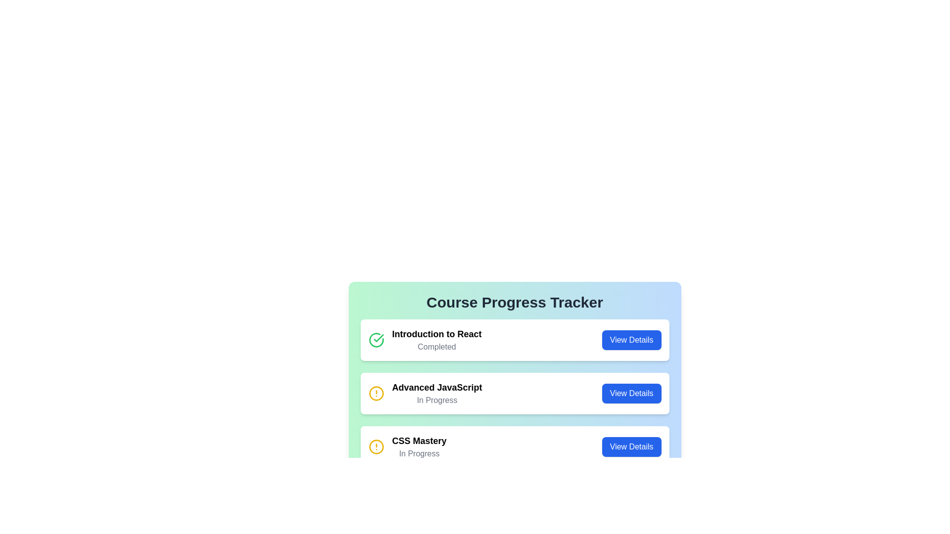 This screenshot has height=534, width=950. What do you see at coordinates (515, 302) in the screenshot?
I see `text label that serves as a header for tracking course progress, located centrally above the list of course progress entries` at bounding box center [515, 302].